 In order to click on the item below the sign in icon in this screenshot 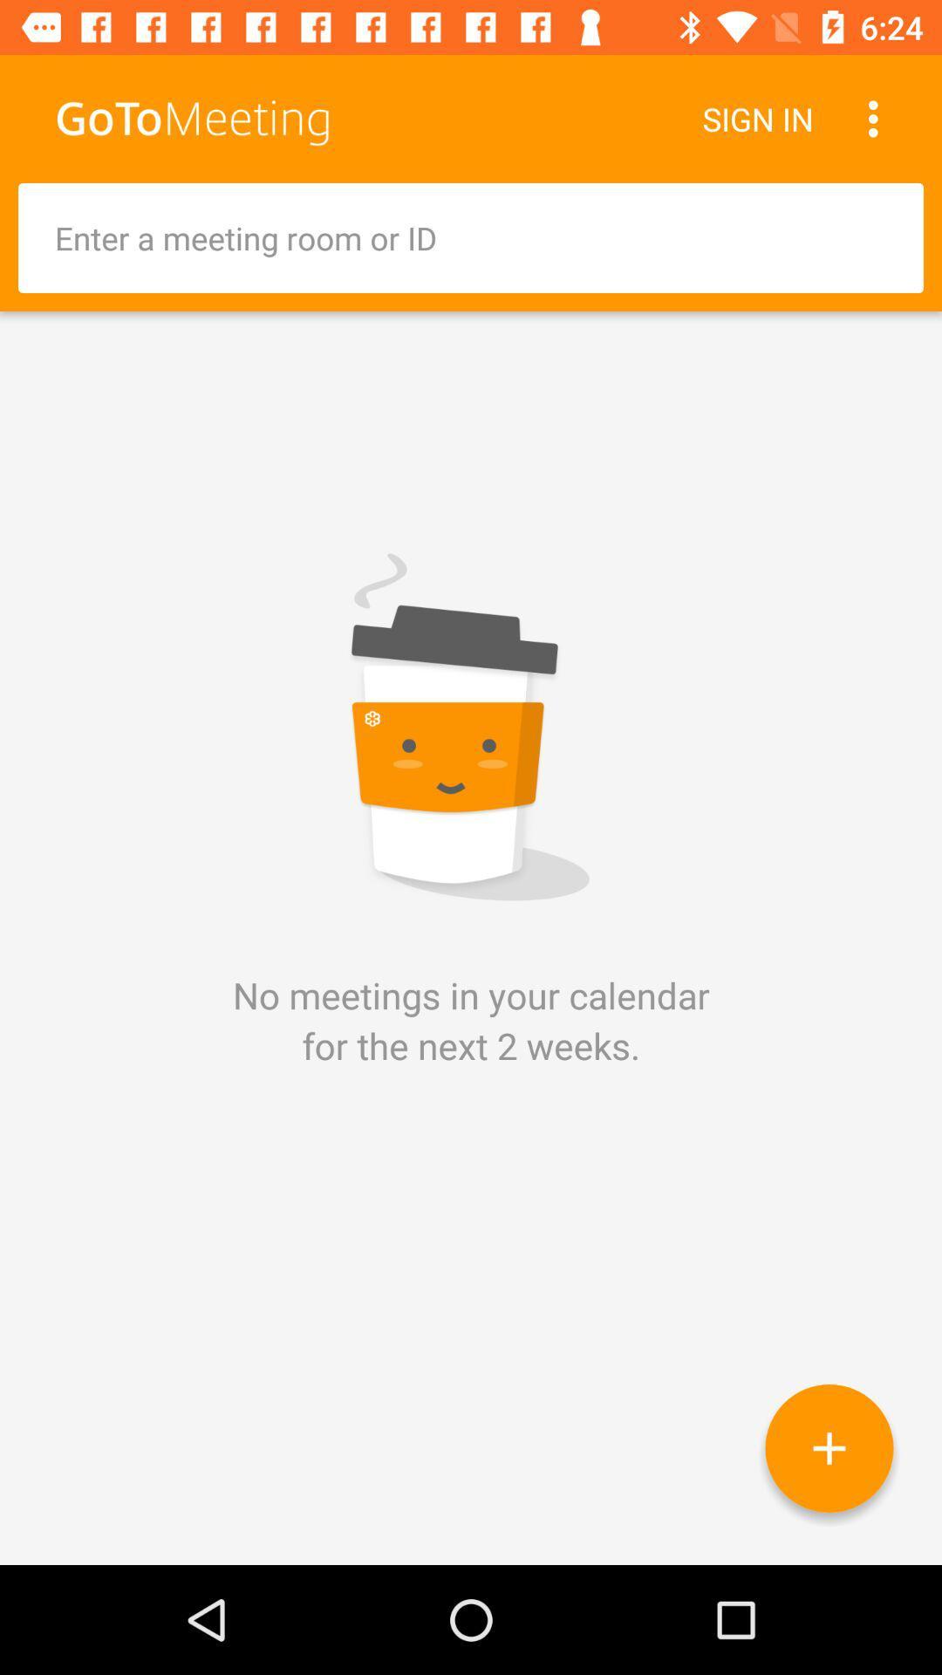, I will do `click(471, 237)`.